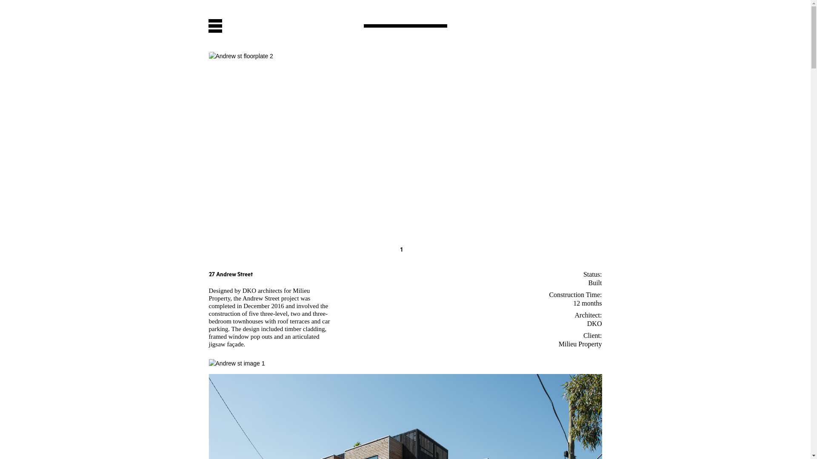 This screenshot has width=817, height=459. I want to click on '2', so click(409, 250).